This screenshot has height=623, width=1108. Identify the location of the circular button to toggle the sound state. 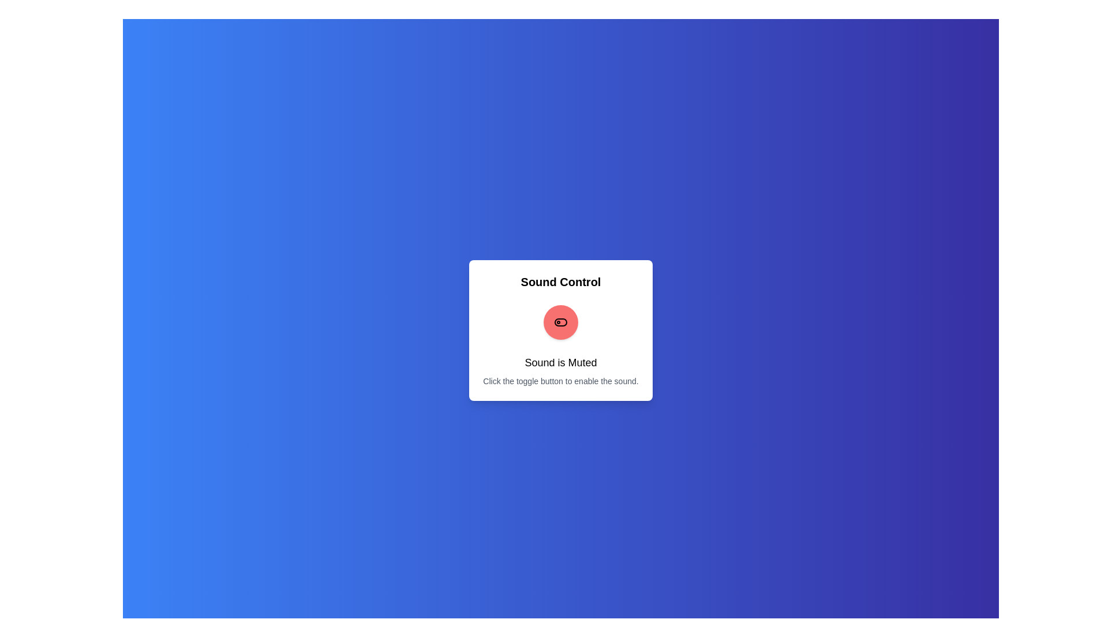
(560, 322).